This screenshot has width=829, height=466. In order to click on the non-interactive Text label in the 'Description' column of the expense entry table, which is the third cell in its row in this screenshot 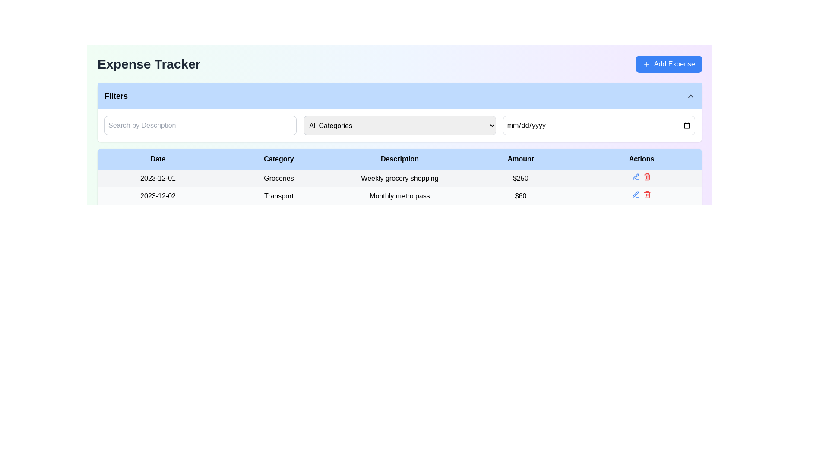, I will do `click(399, 178)`.